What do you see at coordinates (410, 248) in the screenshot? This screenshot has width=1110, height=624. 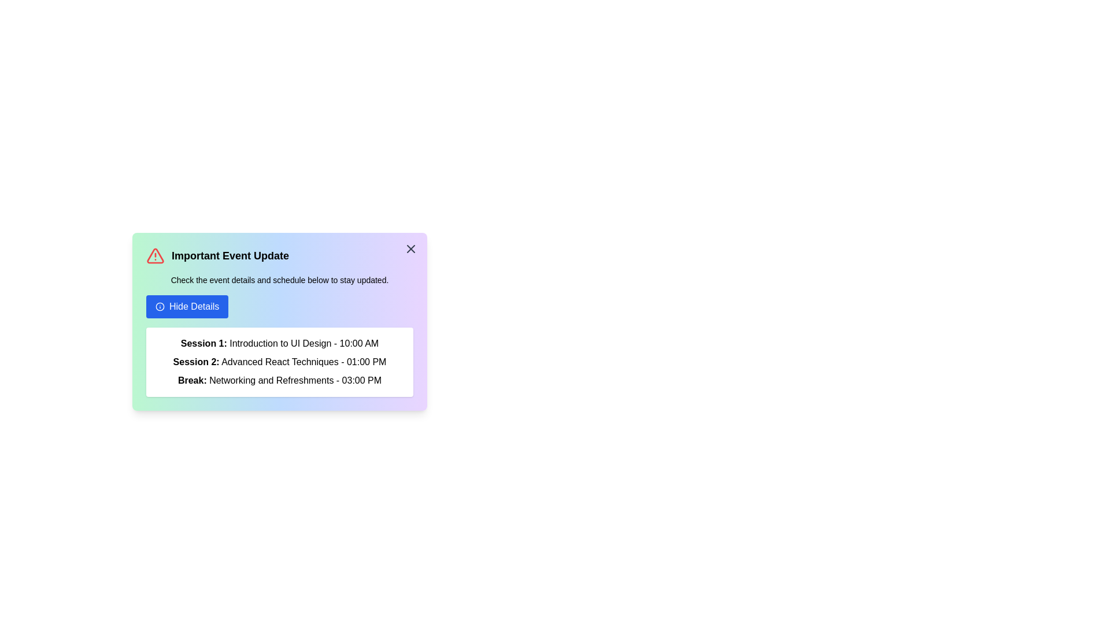 I see `'X' button in the top-right corner of the alert box to close it` at bounding box center [410, 248].